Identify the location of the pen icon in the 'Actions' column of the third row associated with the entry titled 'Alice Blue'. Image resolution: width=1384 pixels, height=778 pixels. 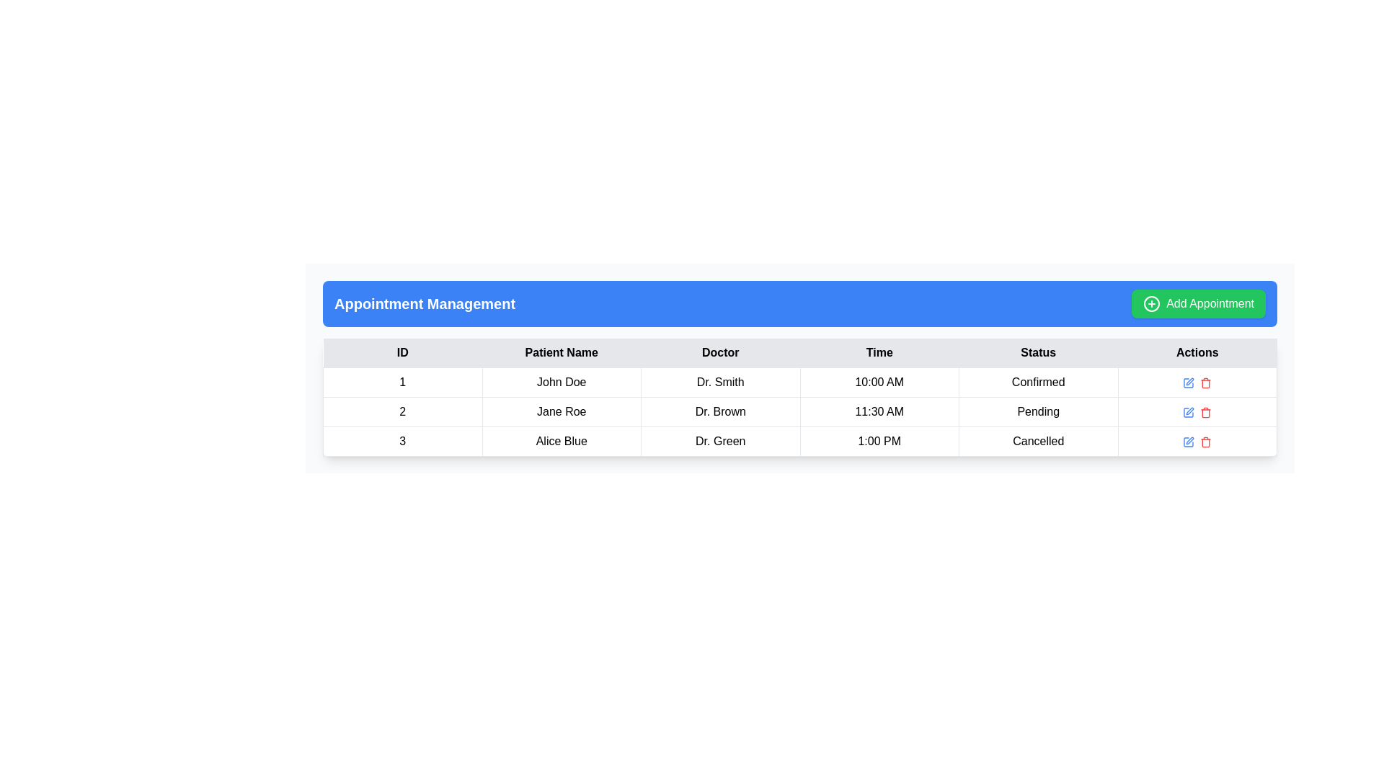
(1190, 439).